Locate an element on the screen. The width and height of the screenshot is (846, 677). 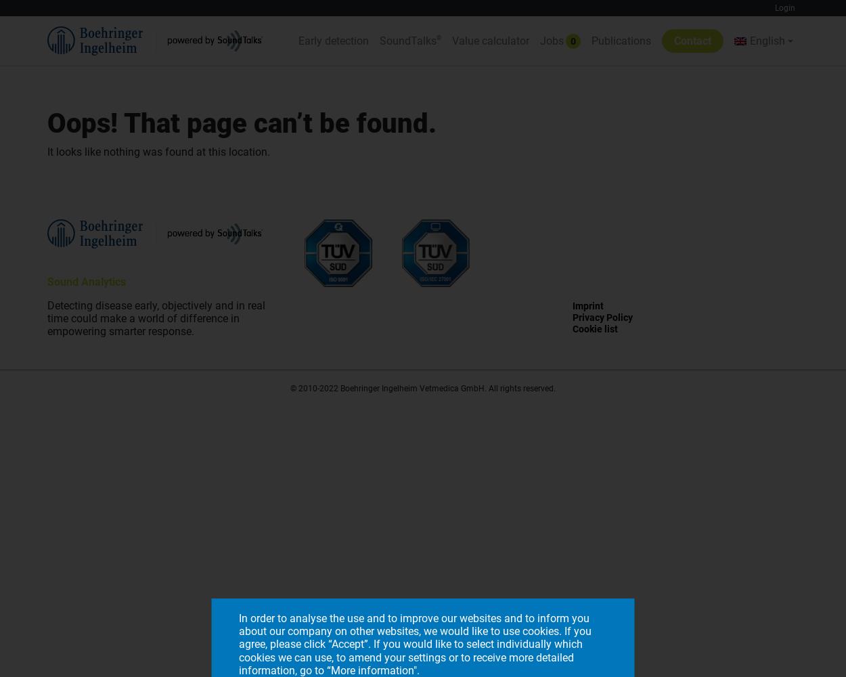
'Early detection' is located at coordinates (332, 41).